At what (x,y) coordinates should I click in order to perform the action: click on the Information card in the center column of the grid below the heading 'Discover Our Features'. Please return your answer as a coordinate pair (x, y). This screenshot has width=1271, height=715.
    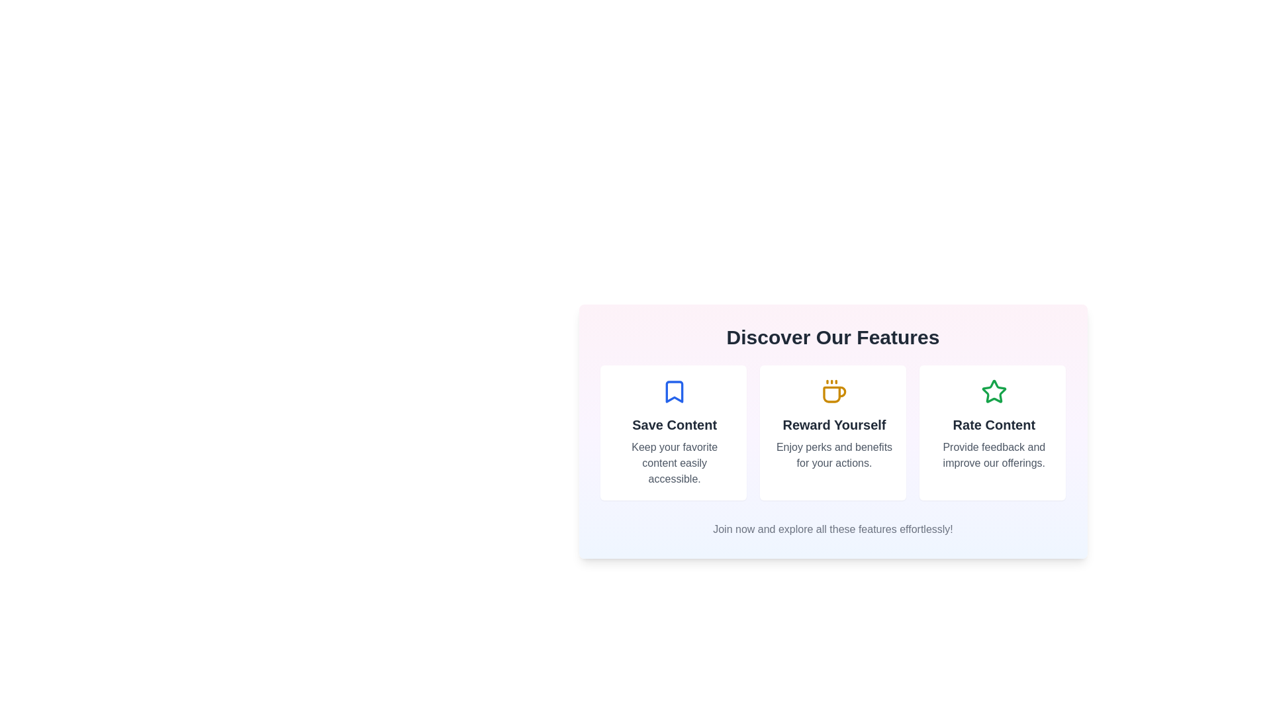
    Looking at the image, I should click on (832, 431).